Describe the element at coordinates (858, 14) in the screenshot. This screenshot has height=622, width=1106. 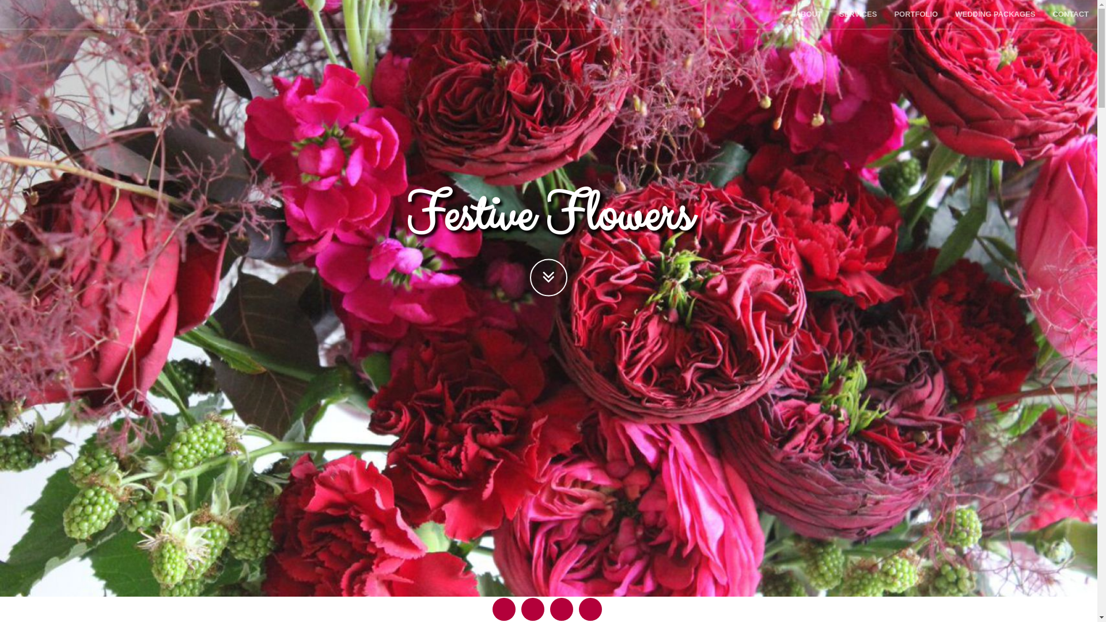
I see `'SERVICES'` at that location.